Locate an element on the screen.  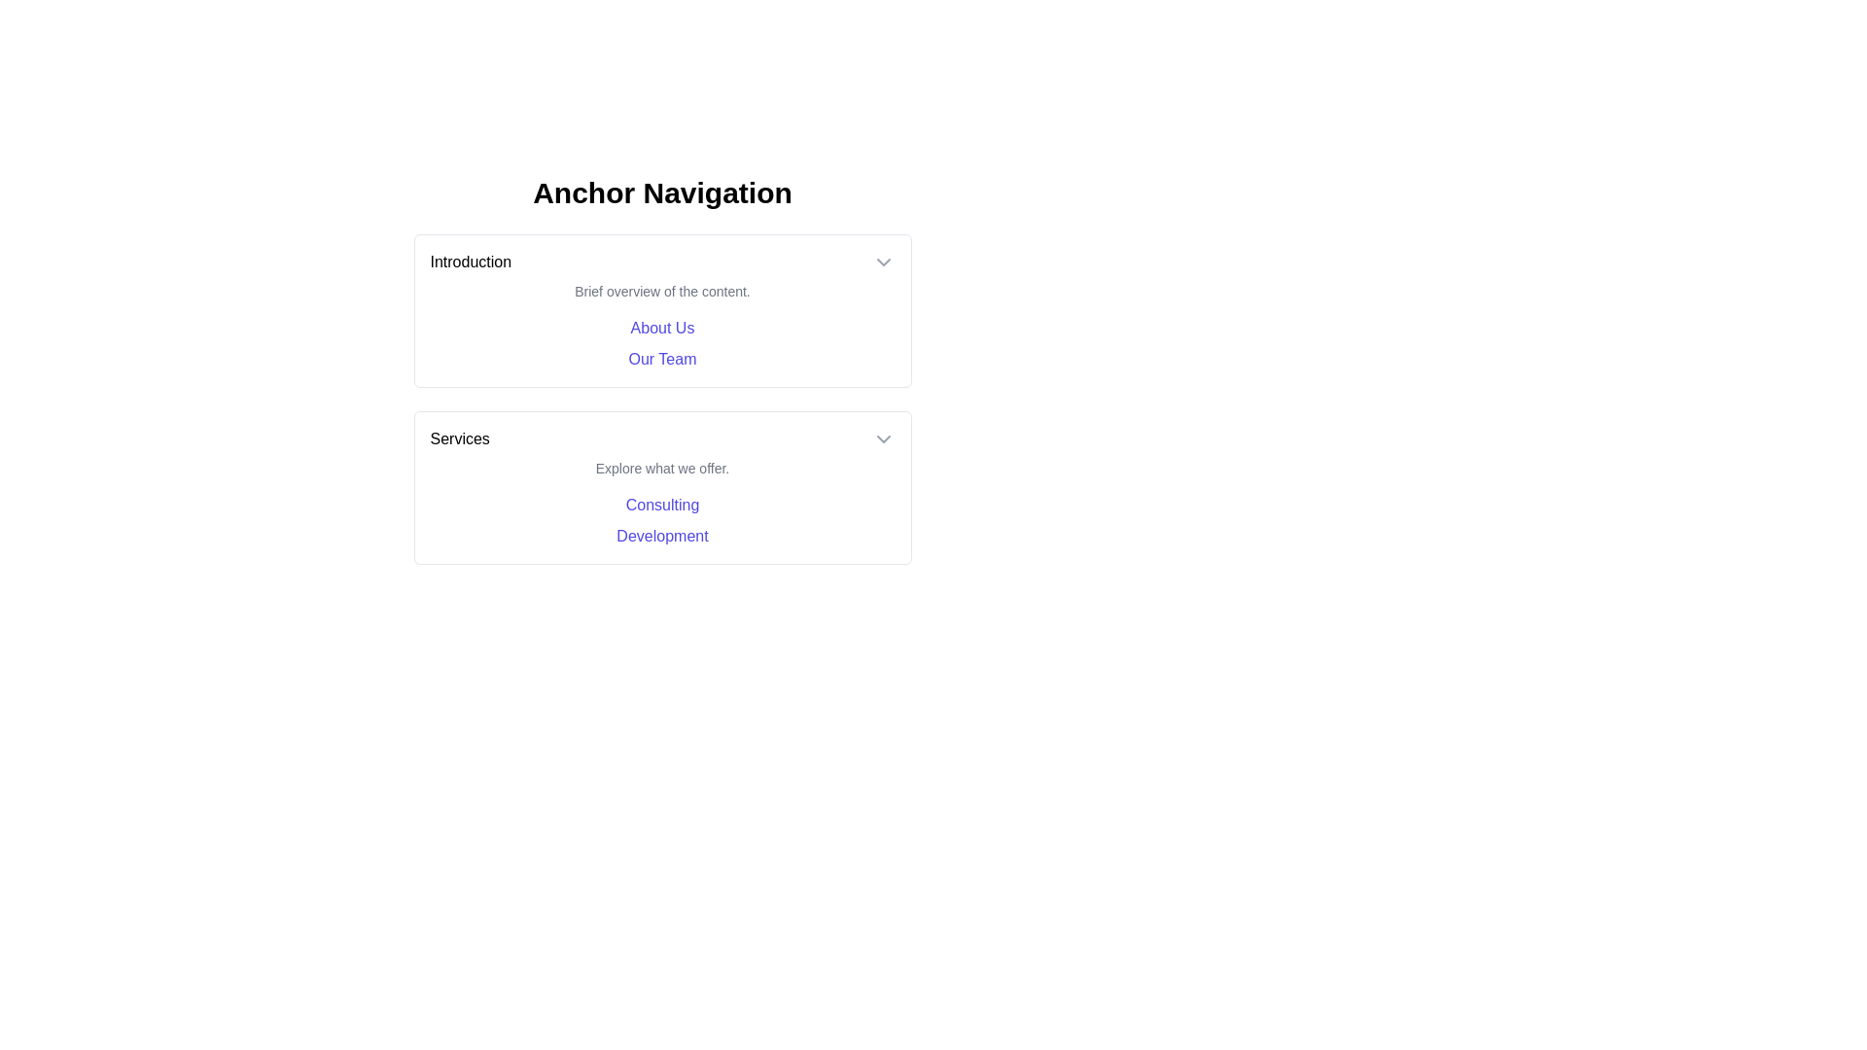
the text element styled in small, gray font that reads 'Brief overview of the content.' located under the heading 'Introduction' and above the links 'About Us' and 'Our Team' is located at coordinates (662, 292).